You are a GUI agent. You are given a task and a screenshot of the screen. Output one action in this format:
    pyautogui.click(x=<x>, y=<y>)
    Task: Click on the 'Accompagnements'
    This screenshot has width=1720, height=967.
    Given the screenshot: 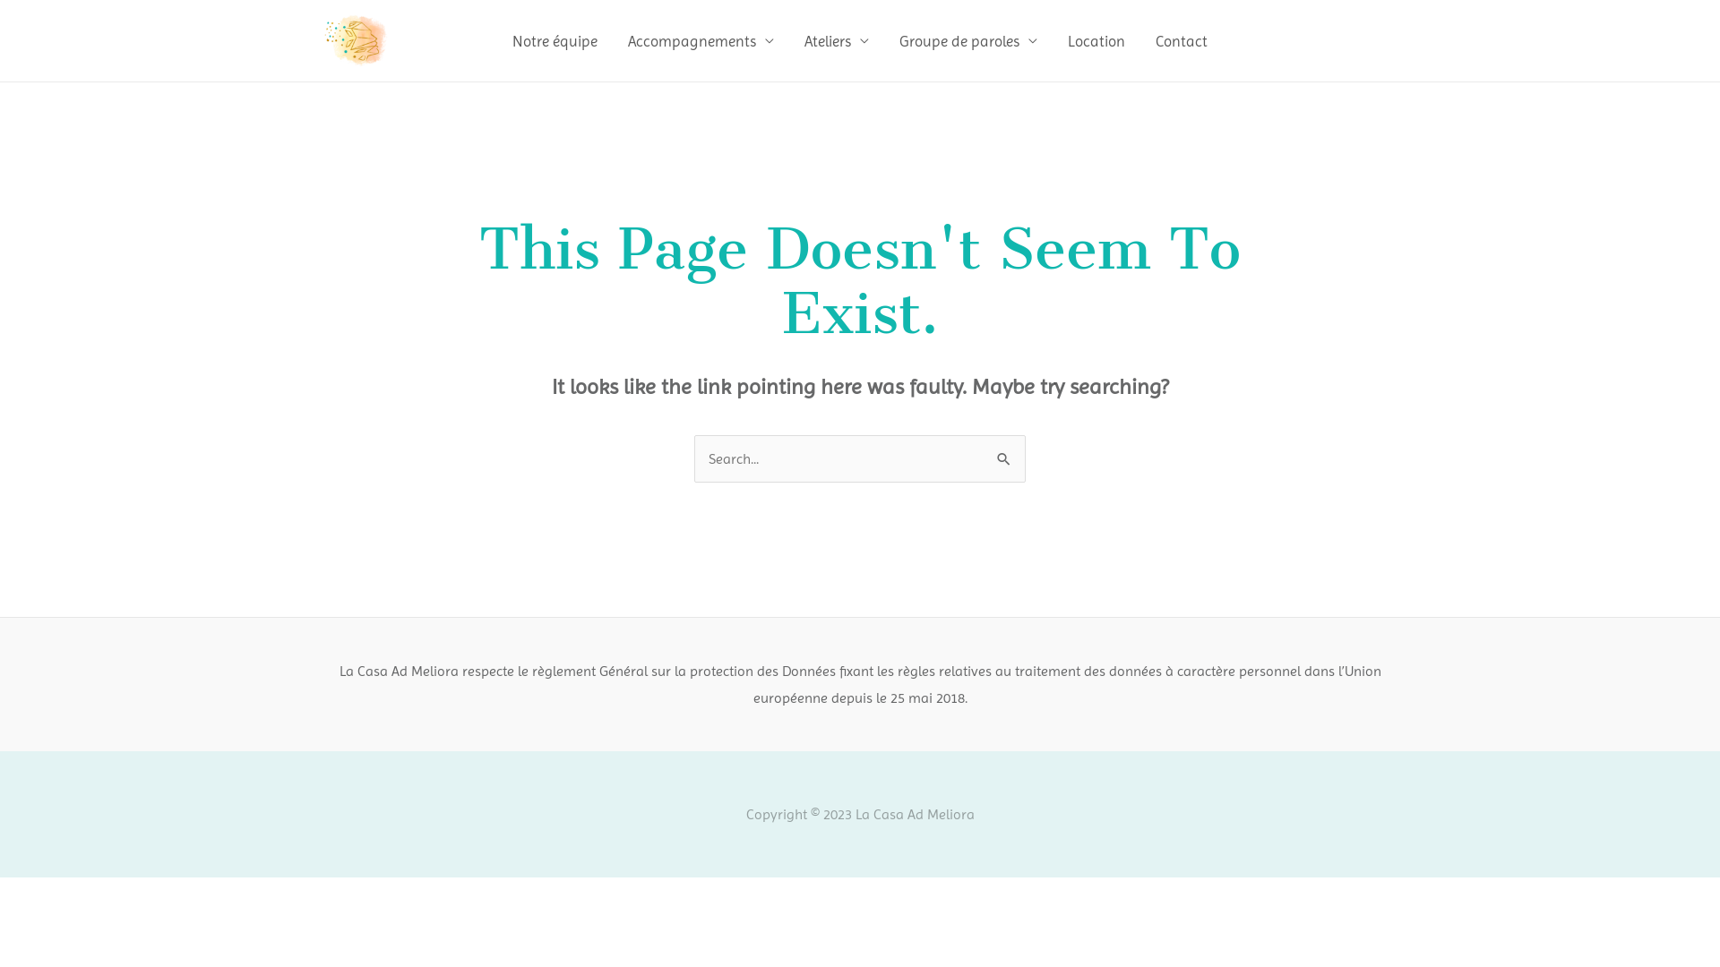 What is the action you would take?
    pyautogui.click(x=700, y=40)
    